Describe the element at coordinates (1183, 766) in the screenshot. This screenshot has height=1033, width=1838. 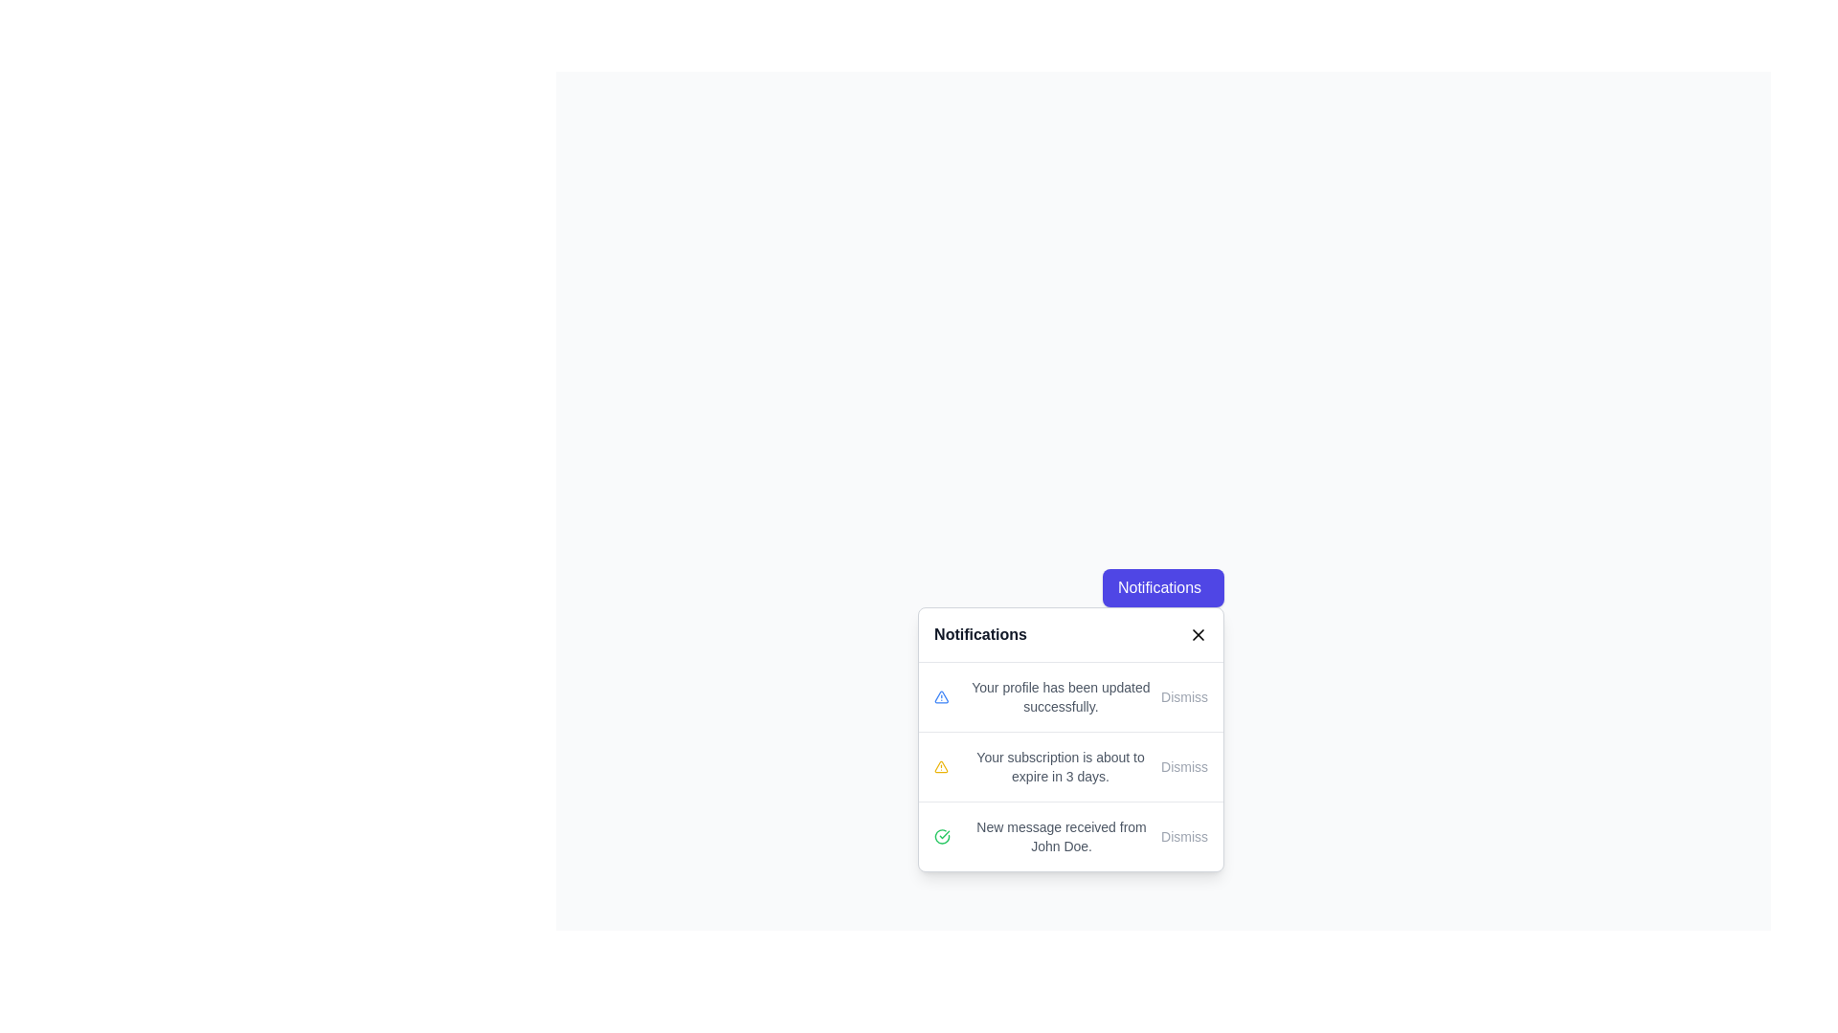
I see `the dismiss button for the second notification located in the notification box under the 'Notifications' title` at that location.